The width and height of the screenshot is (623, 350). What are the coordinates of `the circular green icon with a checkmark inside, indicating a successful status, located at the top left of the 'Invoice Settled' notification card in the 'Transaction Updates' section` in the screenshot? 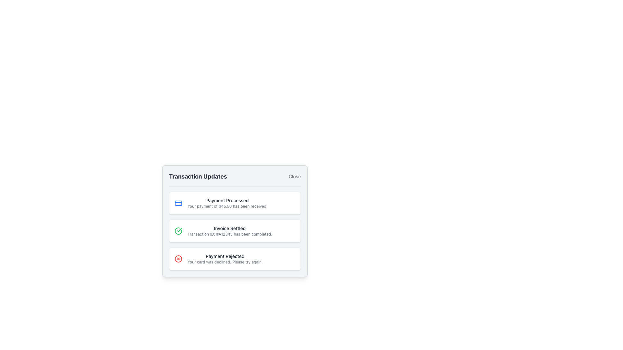 It's located at (178, 231).